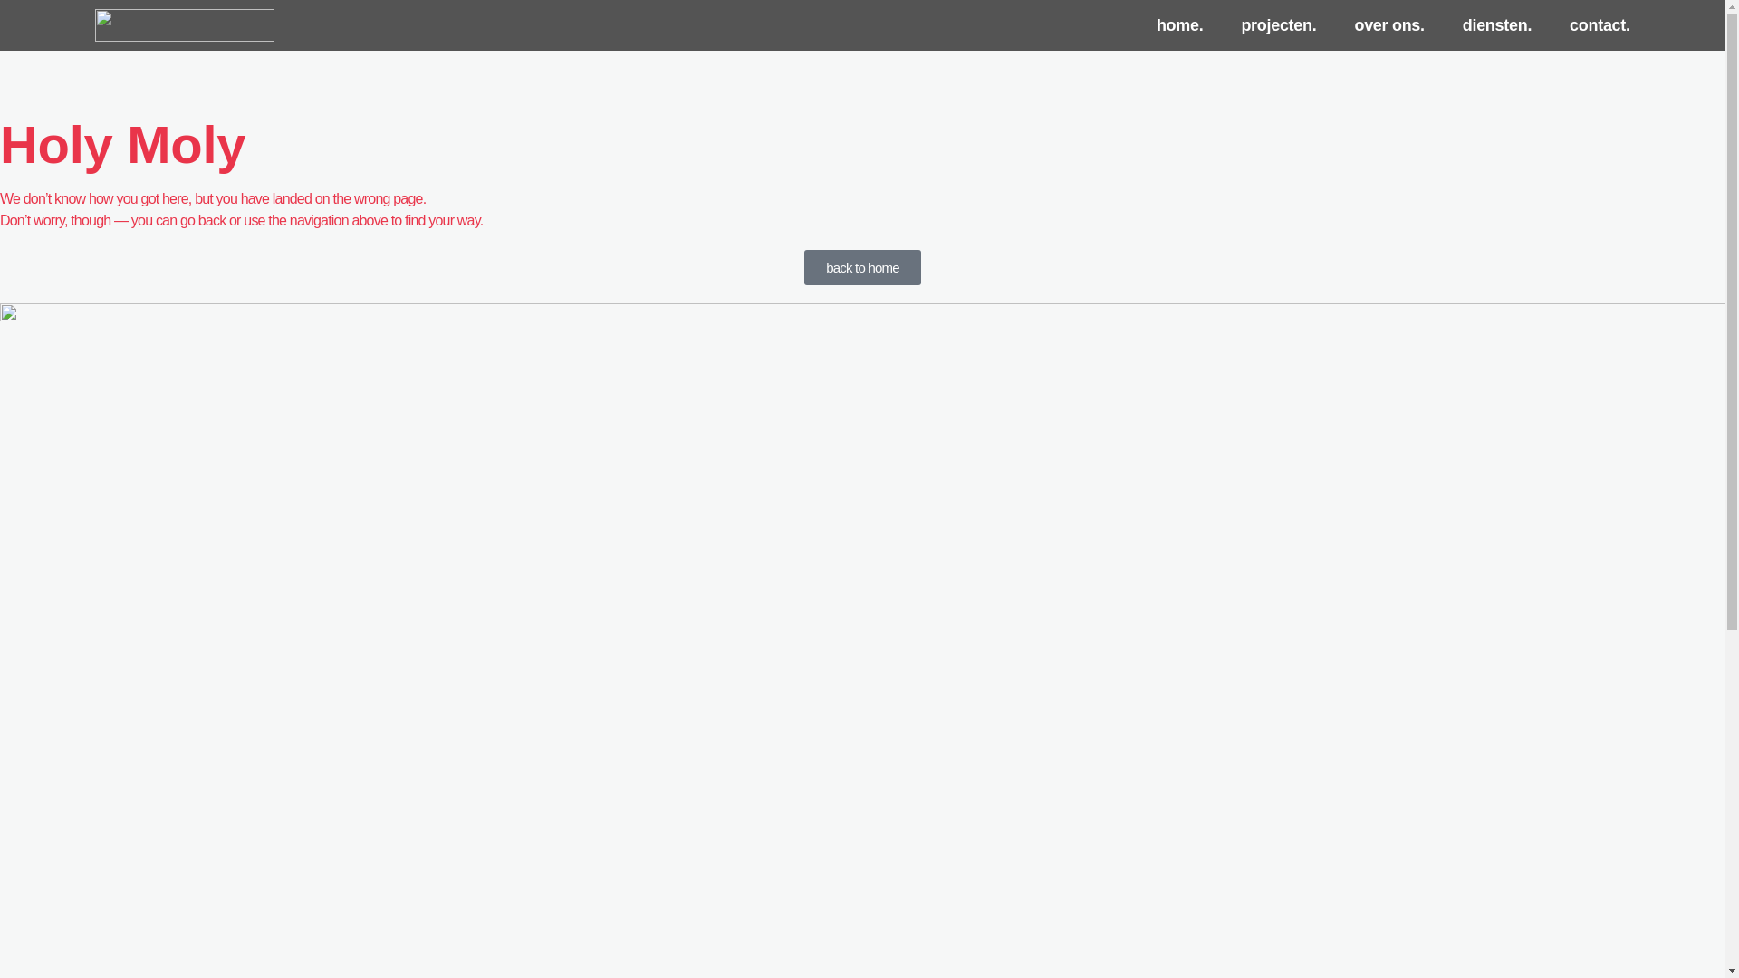 This screenshot has height=978, width=1739. What do you see at coordinates (1600, 24) in the screenshot?
I see `'contact.'` at bounding box center [1600, 24].